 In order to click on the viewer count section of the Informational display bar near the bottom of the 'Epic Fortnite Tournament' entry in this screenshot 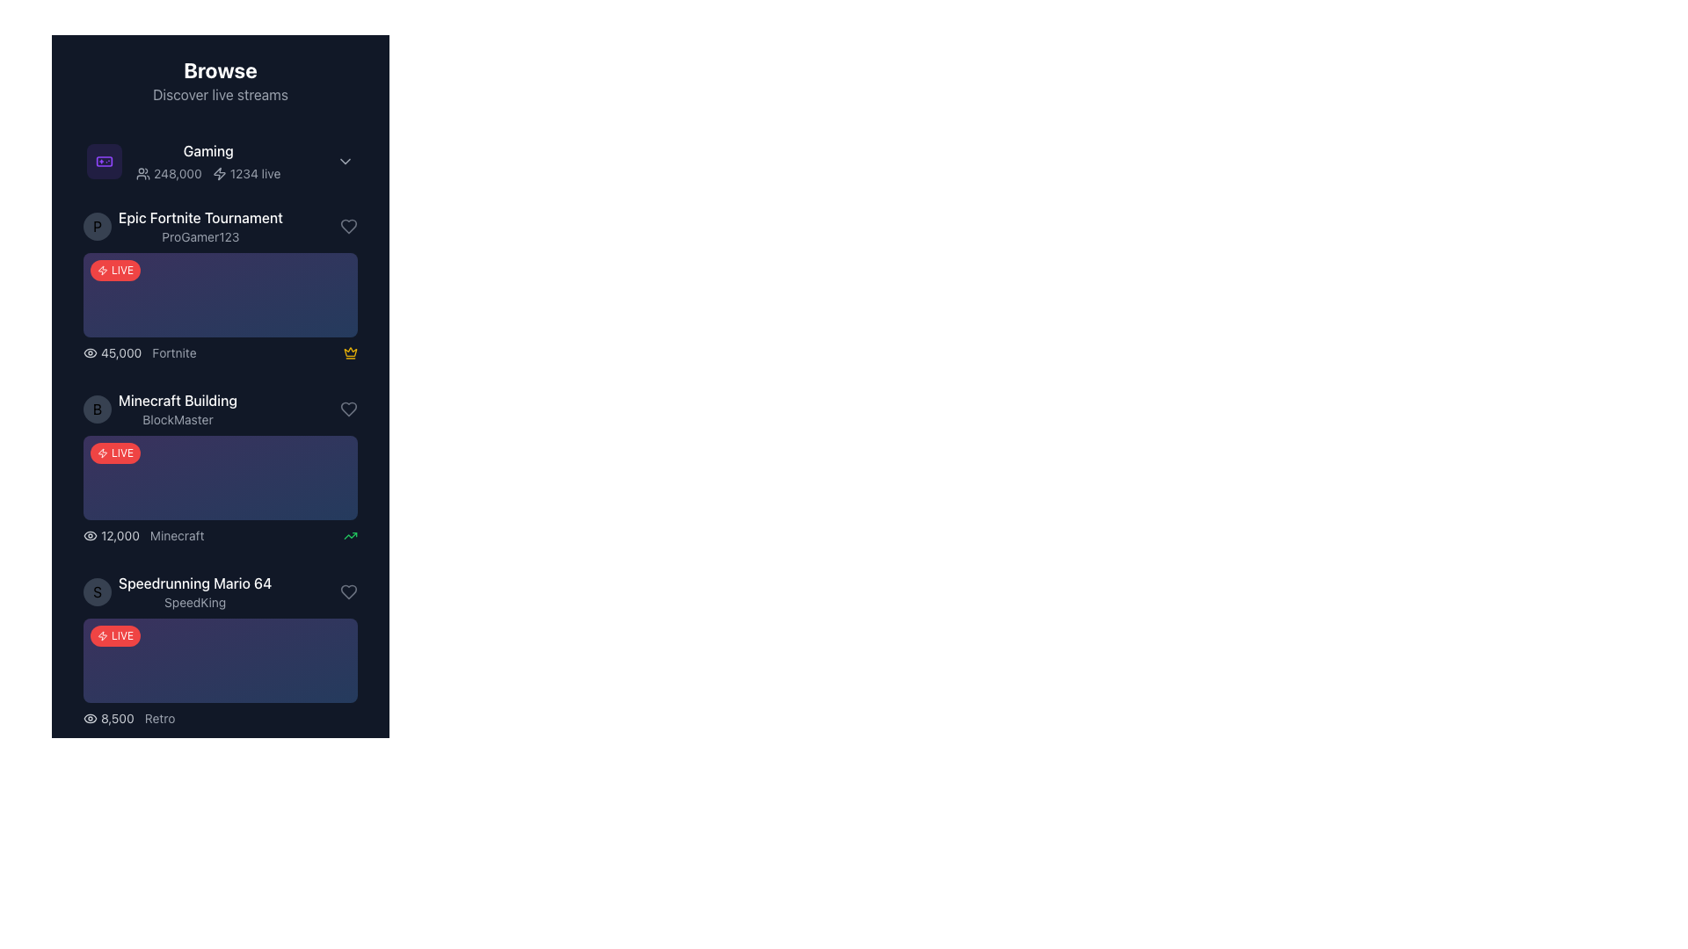, I will do `click(219, 352)`.